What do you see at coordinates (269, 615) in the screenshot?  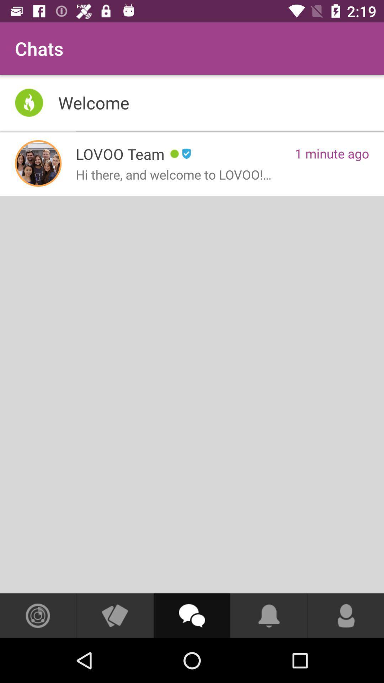 I see `notifications` at bounding box center [269, 615].